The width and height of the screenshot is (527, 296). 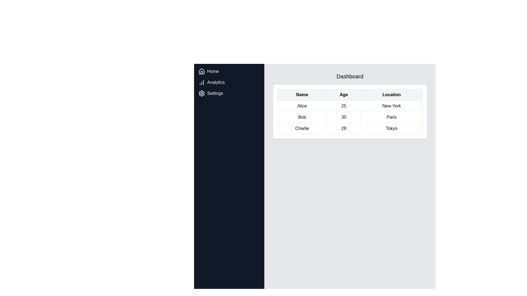 What do you see at coordinates (343, 117) in the screenshot?
I see `the text field displaying '30' located in the second column of the second row under the header 'Age' in the table` at bounding box center [343, 117].